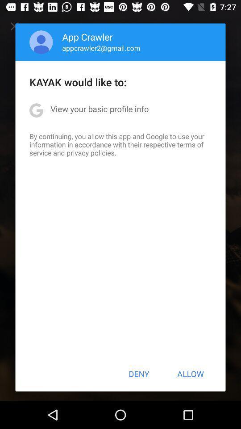 Image resolution: width=241 pixels, height=429 pixels. I want to click on app below the by continuing you app, so click(139, 374).